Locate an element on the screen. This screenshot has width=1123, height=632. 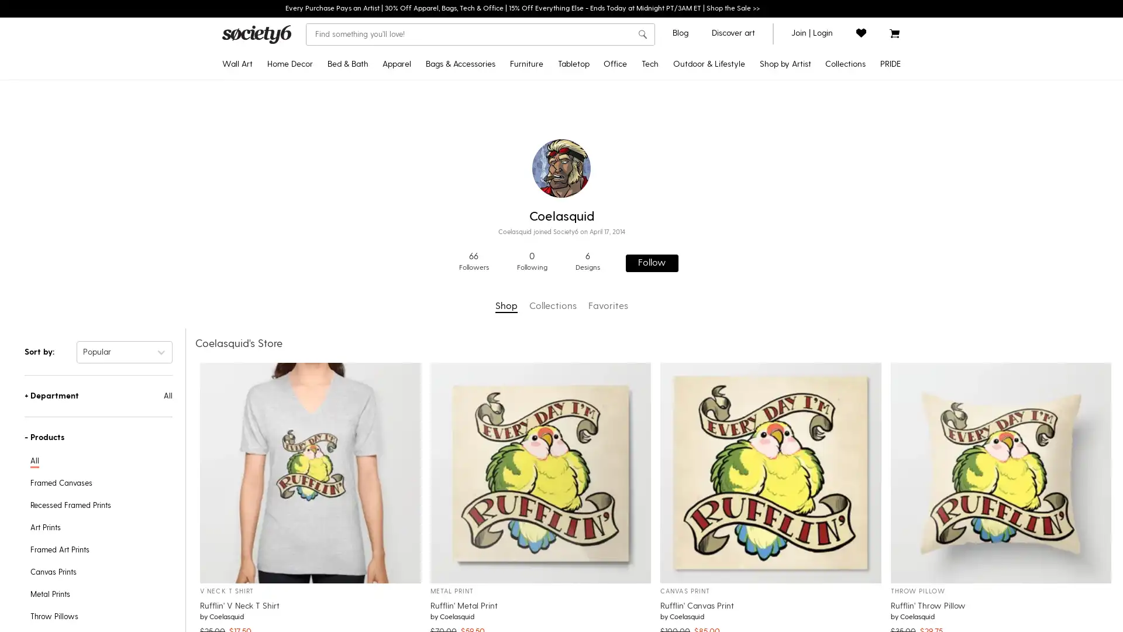
Coasters is located at coordinates (595, 187).